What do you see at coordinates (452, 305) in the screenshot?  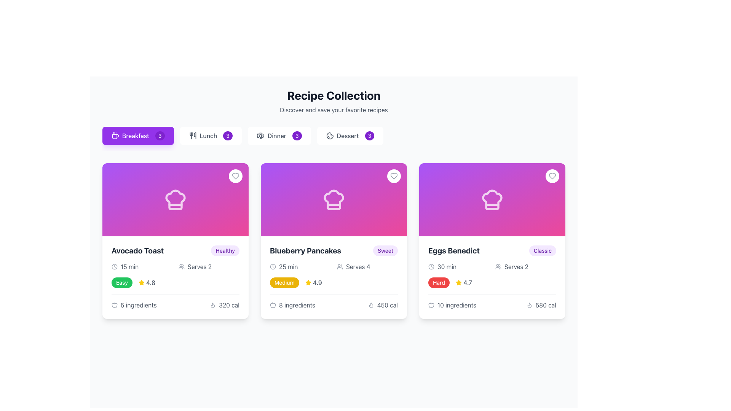 I see `the text '10 ingredients' next to the apple icon, located within the 'Eggs Benedict' card, below the 'Hard' tag and above the '580 cal' calorie count` at bounding box center [452, 305].